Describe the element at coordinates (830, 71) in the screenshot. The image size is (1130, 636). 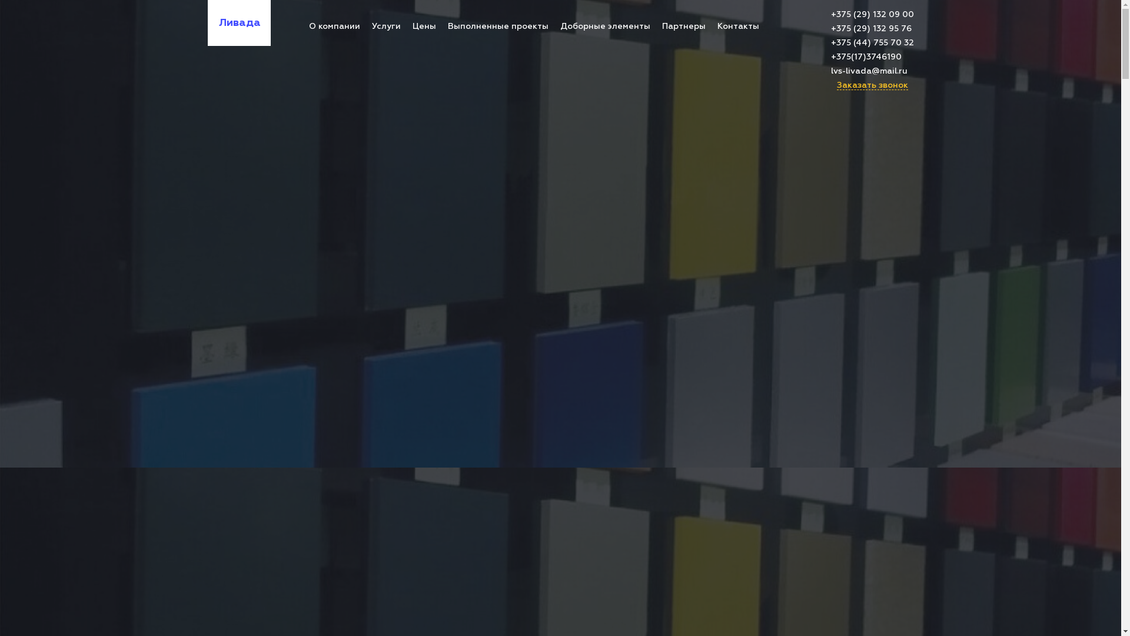
I see `'lvs-livada@mail.ru'` at that location.